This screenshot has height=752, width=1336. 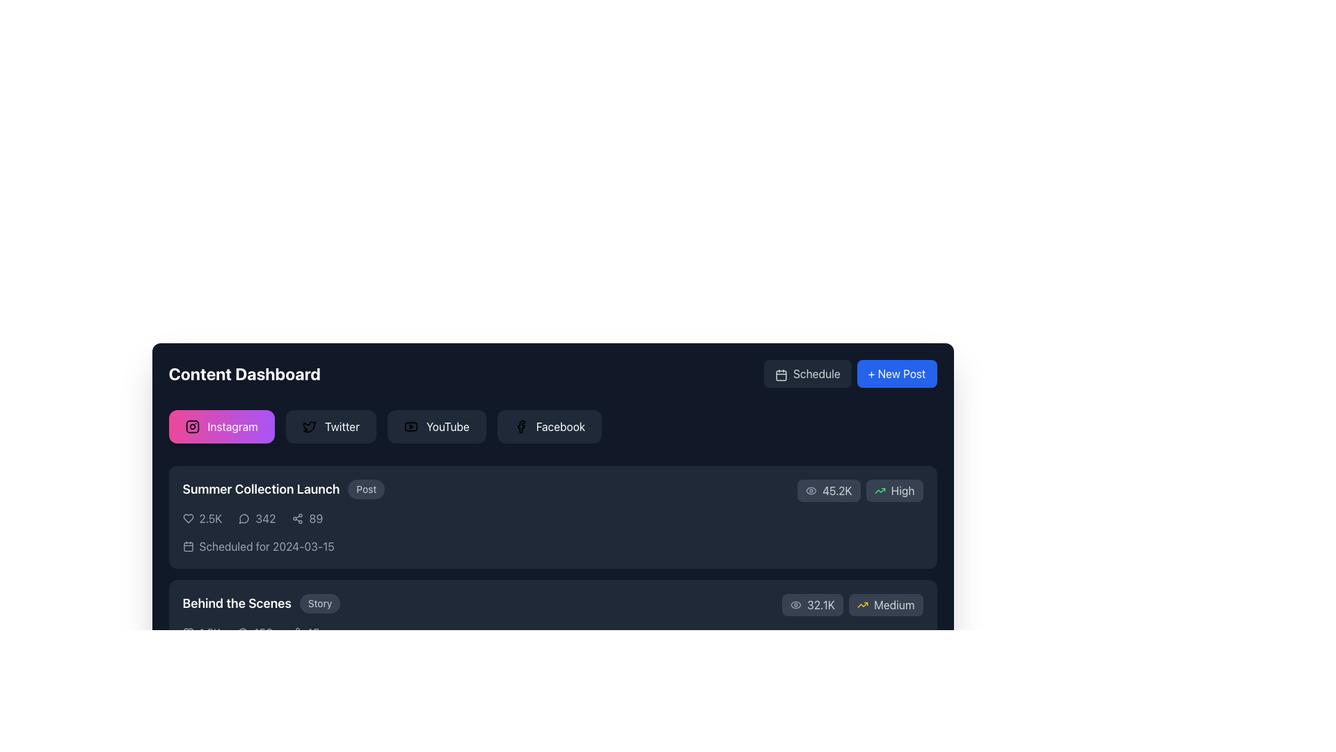 What do you see at coordinates (209, 518) in the screenshot?
I see `numerical value displayed in the Text Display element that indicates the count of likes or similar interactions, which is aligned with the heart icon and adjacent text elements within the 'Summer Collection Launch' post` at bounding box center [209, 518].